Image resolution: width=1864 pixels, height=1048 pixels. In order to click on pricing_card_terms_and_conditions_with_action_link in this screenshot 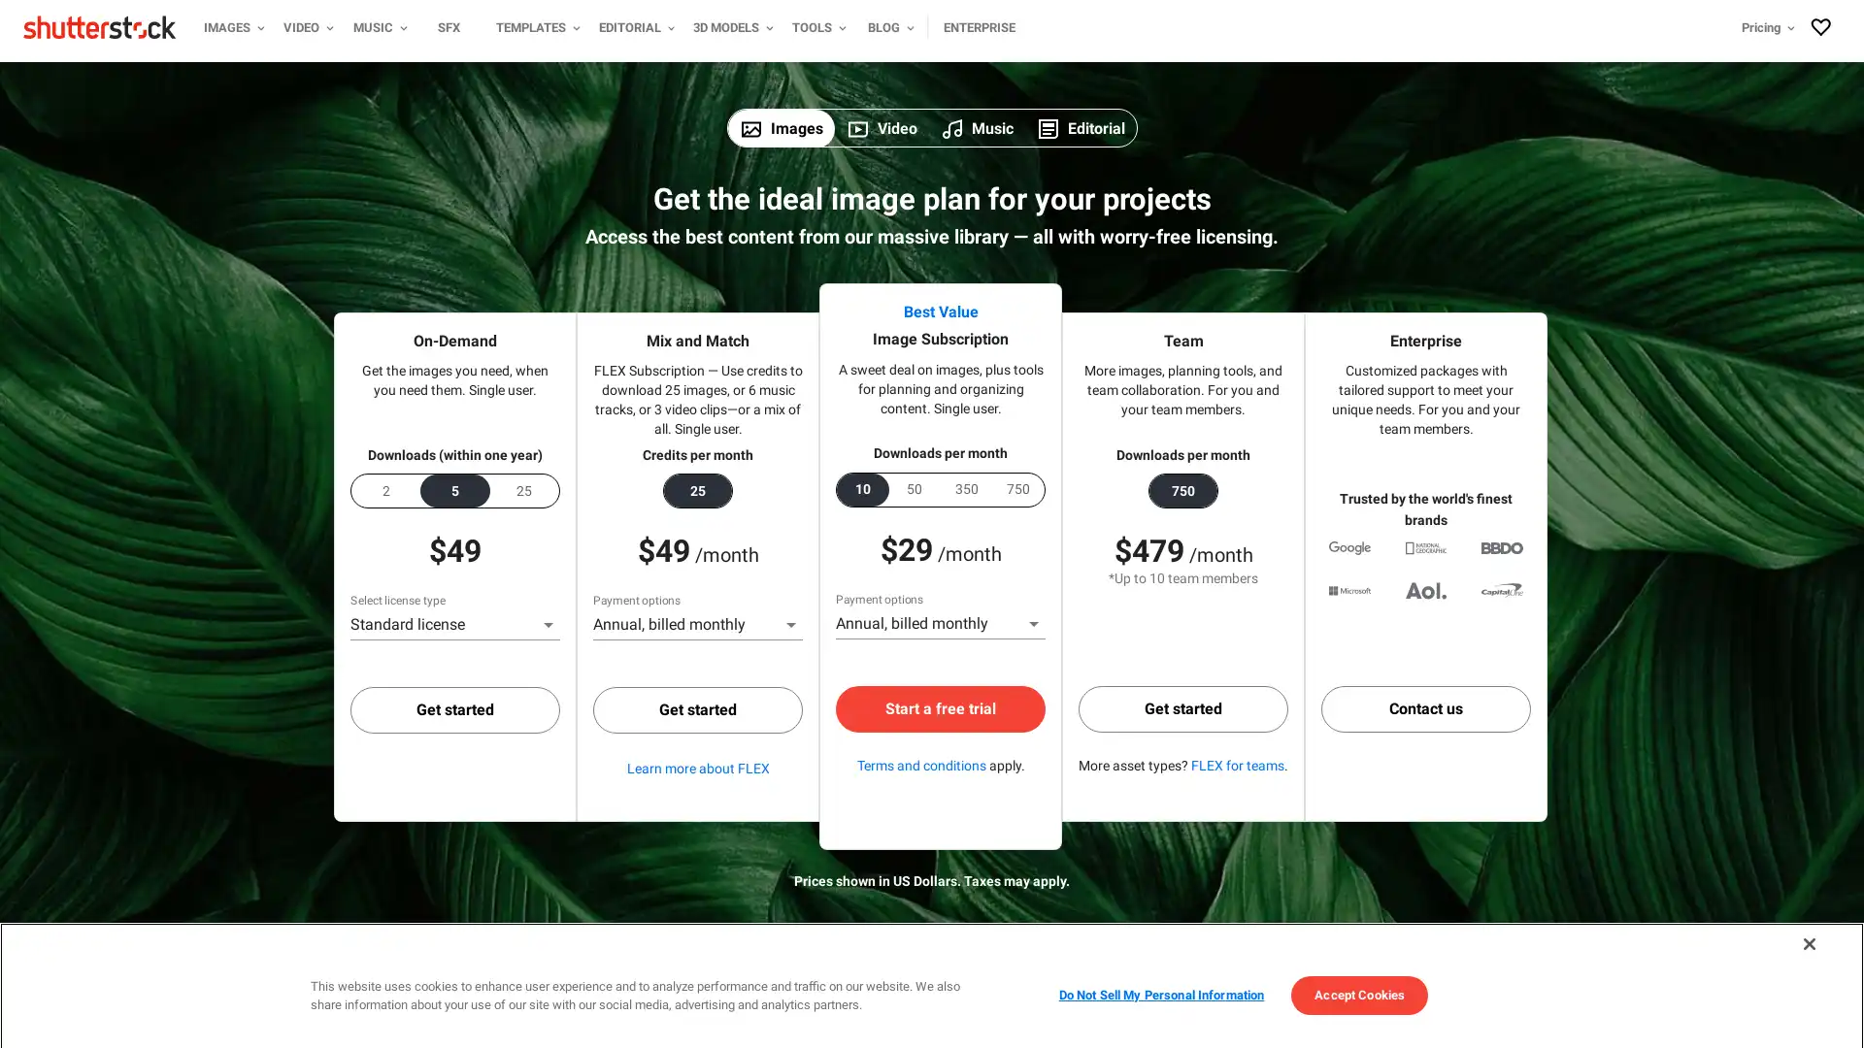, I will do `click(919, 763)`.